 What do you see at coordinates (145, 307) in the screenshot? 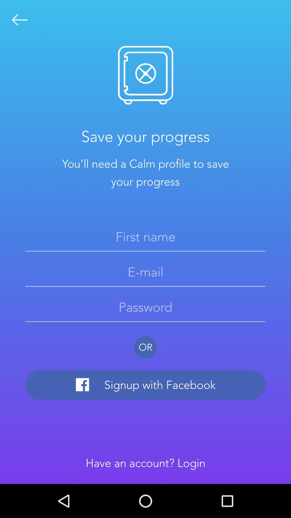
I see `set a password` at bounding box center [145, 307].